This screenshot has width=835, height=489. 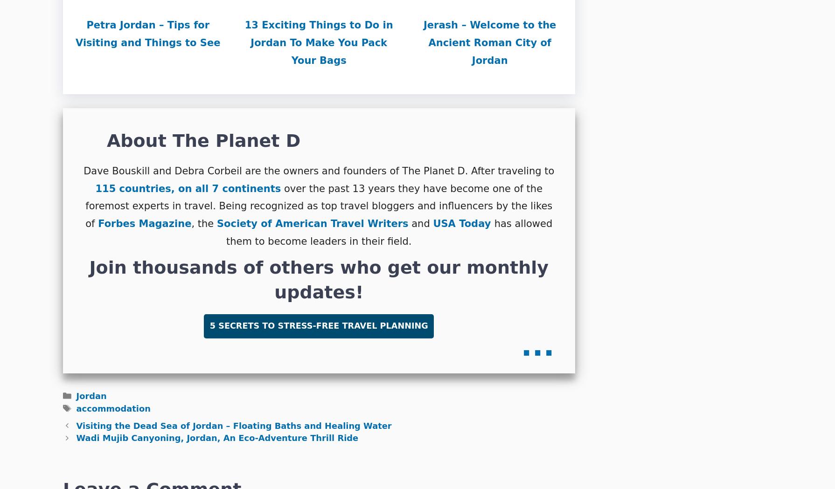 I want to click on 'USA Today', so click(x=432, y=224).